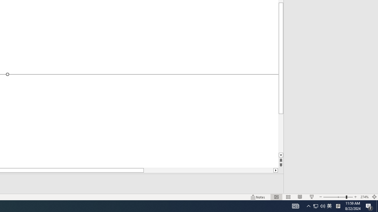  What do you see at coordinates (364, 197) in the screenshot?
I see `'Zoom 274%'` at bounding box center [364, 197].